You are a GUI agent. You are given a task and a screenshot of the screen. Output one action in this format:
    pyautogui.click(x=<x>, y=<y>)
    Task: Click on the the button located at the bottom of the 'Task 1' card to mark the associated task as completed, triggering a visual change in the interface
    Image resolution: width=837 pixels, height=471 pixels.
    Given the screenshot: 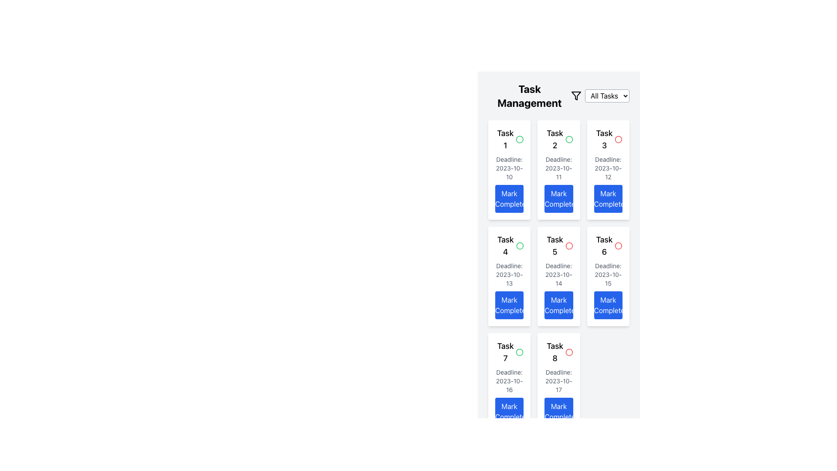 What is the action you would take?
    pyautogui.click(x=509, y=198)
    